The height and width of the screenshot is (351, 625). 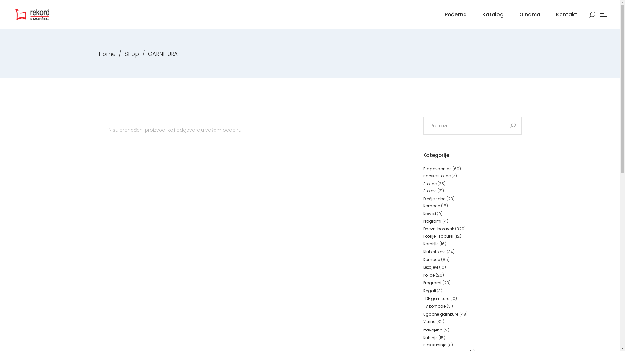 What do you see at coordinates (430, 190) in the screenshot?
I see `'Stolovi'` at bounding box center [430, 190].